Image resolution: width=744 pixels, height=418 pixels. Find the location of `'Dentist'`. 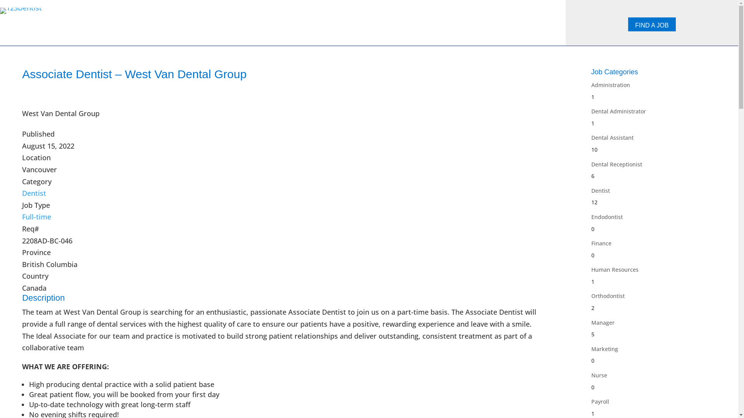

'Dentist' is located at coordinates (600, 190).